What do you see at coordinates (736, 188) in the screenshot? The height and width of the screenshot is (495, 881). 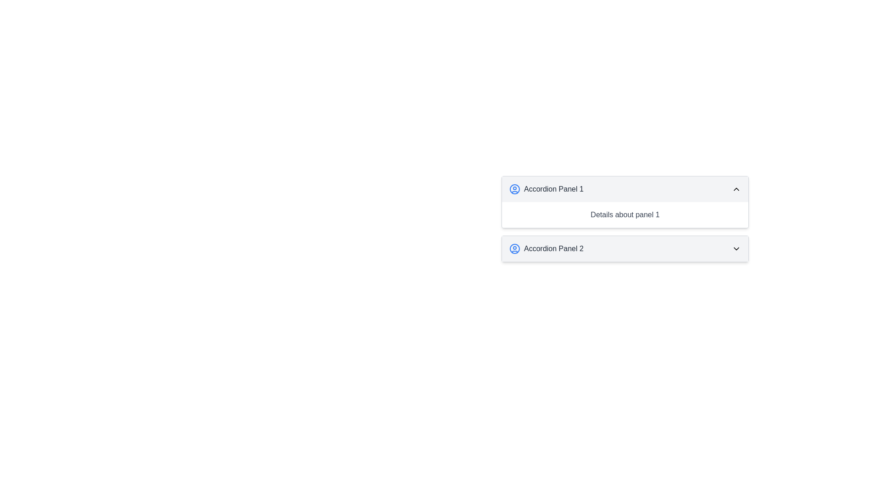 I see `the chevron-up icon located at the far right end of the 'Accordion Panel 1' header` at bounding box center [736, 188].